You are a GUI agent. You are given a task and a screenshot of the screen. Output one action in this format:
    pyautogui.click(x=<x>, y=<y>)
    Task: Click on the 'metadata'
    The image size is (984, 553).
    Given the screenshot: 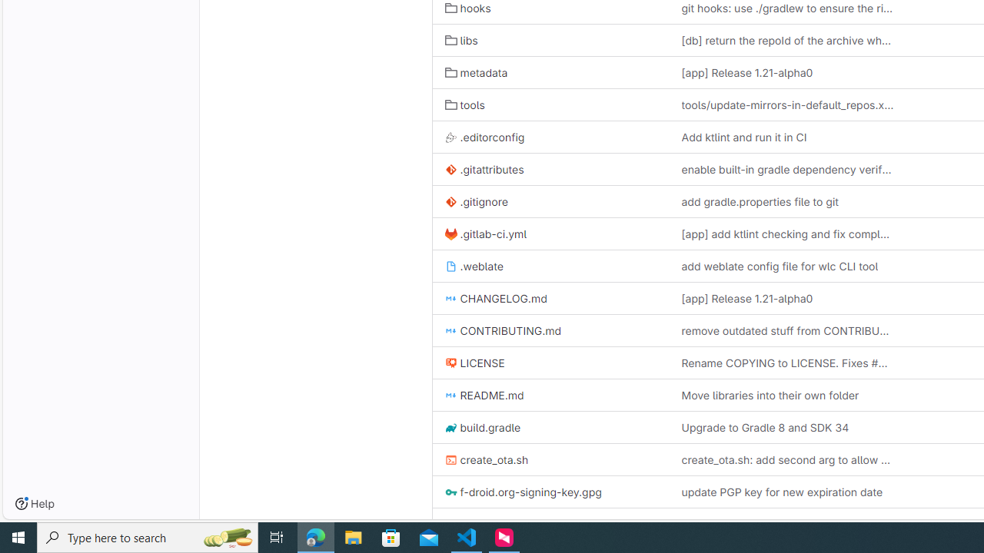 What is the action you would take?
    pyautogui.click(x=475, y=73)
    